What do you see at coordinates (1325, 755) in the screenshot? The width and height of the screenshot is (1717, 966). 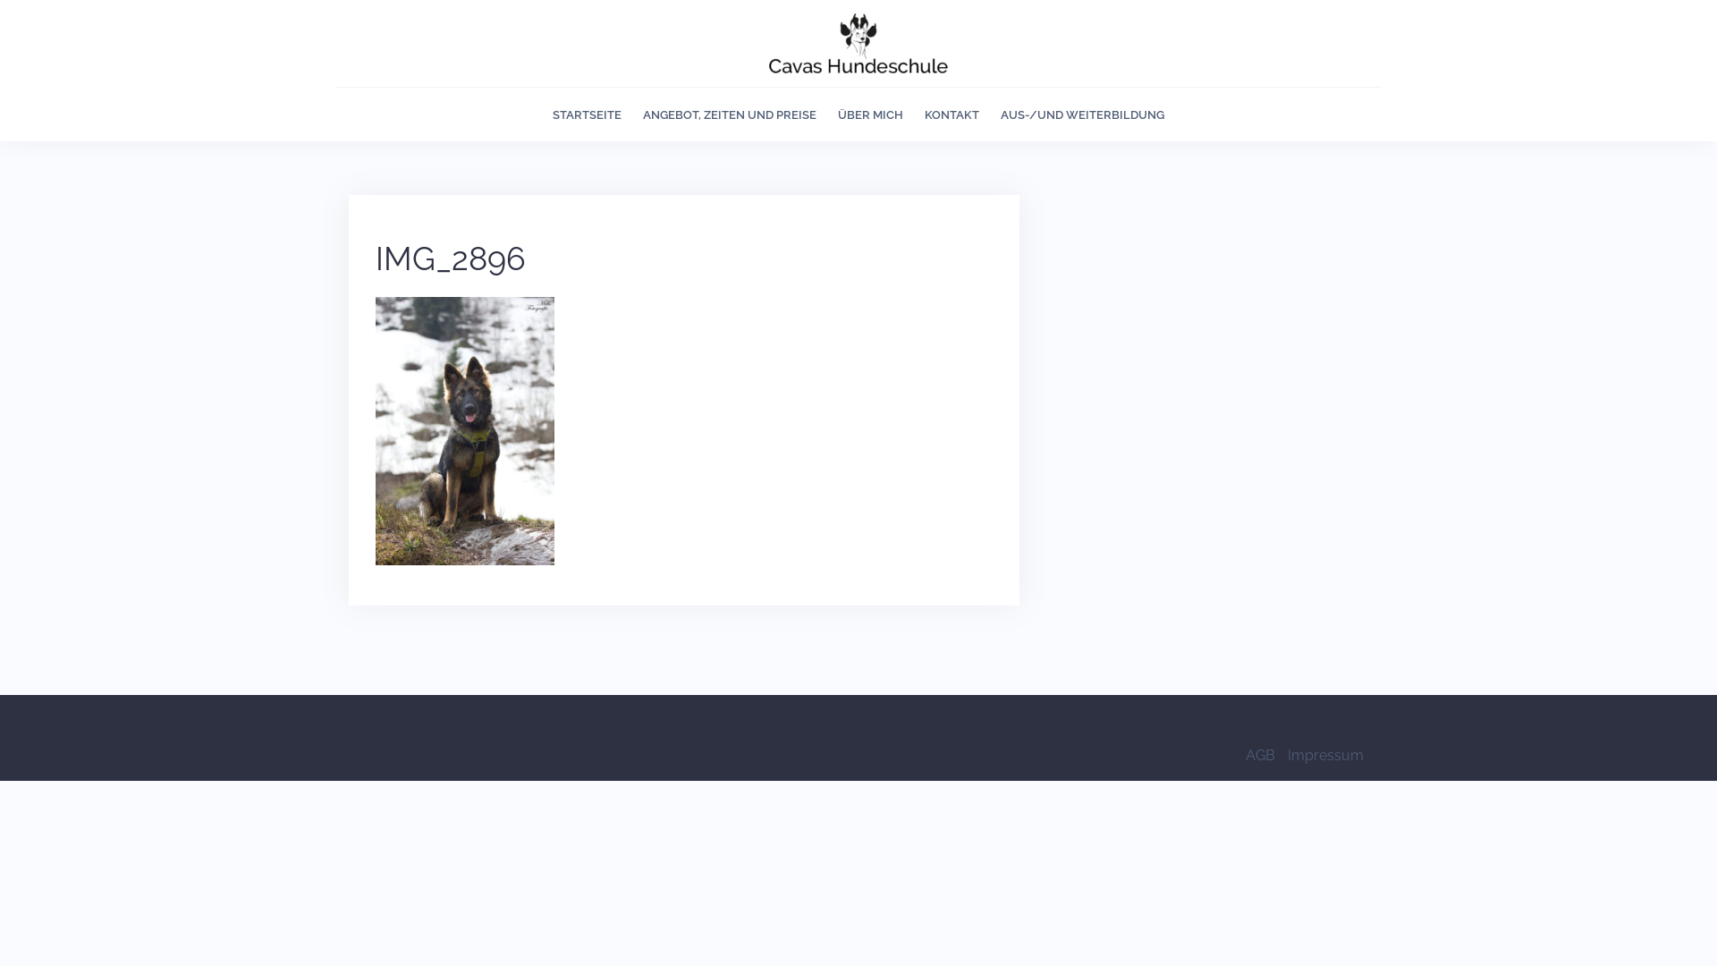 I see `'Impressum'` at bounding box center [1325, 755].